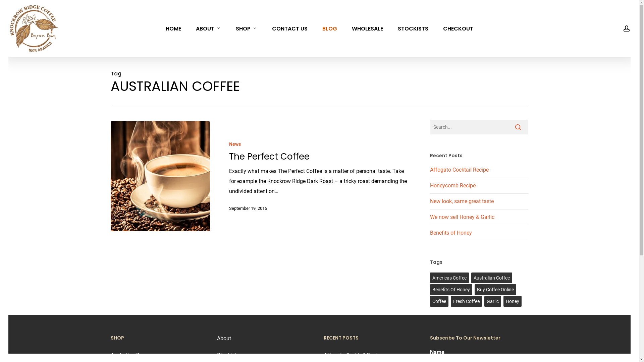  What do you see at coordinates (367, 28) in the screenshot?
I see `'WHOLESALE'` at bounding box center [367, 28].